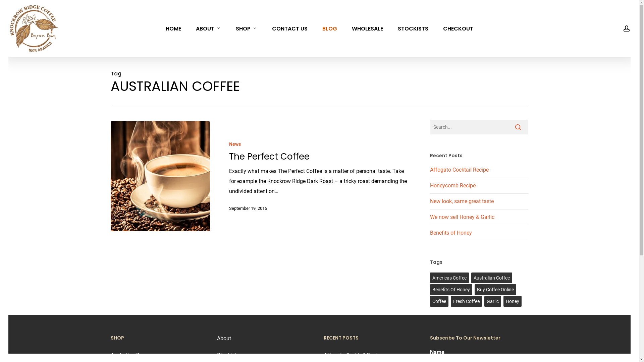  What do you see at coordinates (367, 28) in the screenshot?
I see `'WHOLESALE'` at bounding box center [367, 28].